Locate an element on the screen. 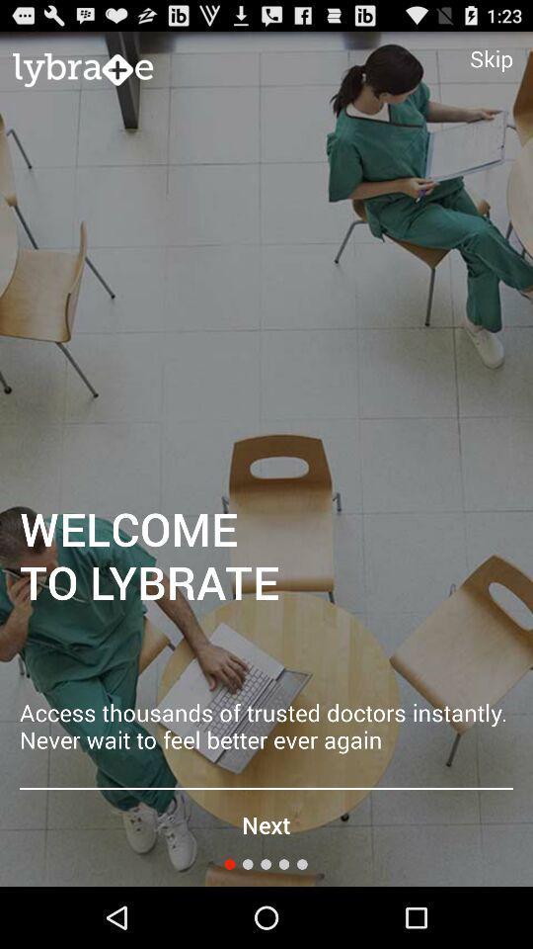 The width and height of the screenshot is (533, 949). the skip item is located at coordinates (491, 57).